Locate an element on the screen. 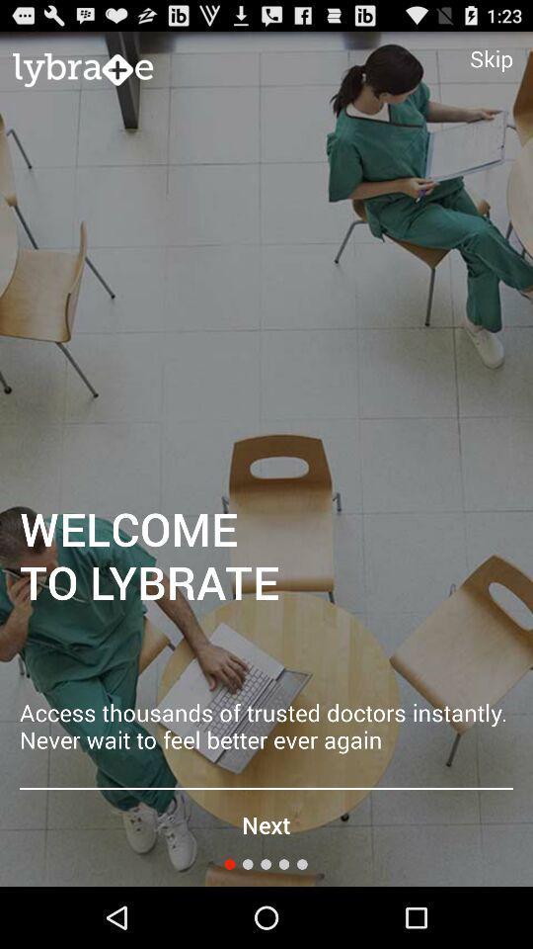 The width and height of the screenshot is (533, 949). the skip item is located at coordinates (491, 57).